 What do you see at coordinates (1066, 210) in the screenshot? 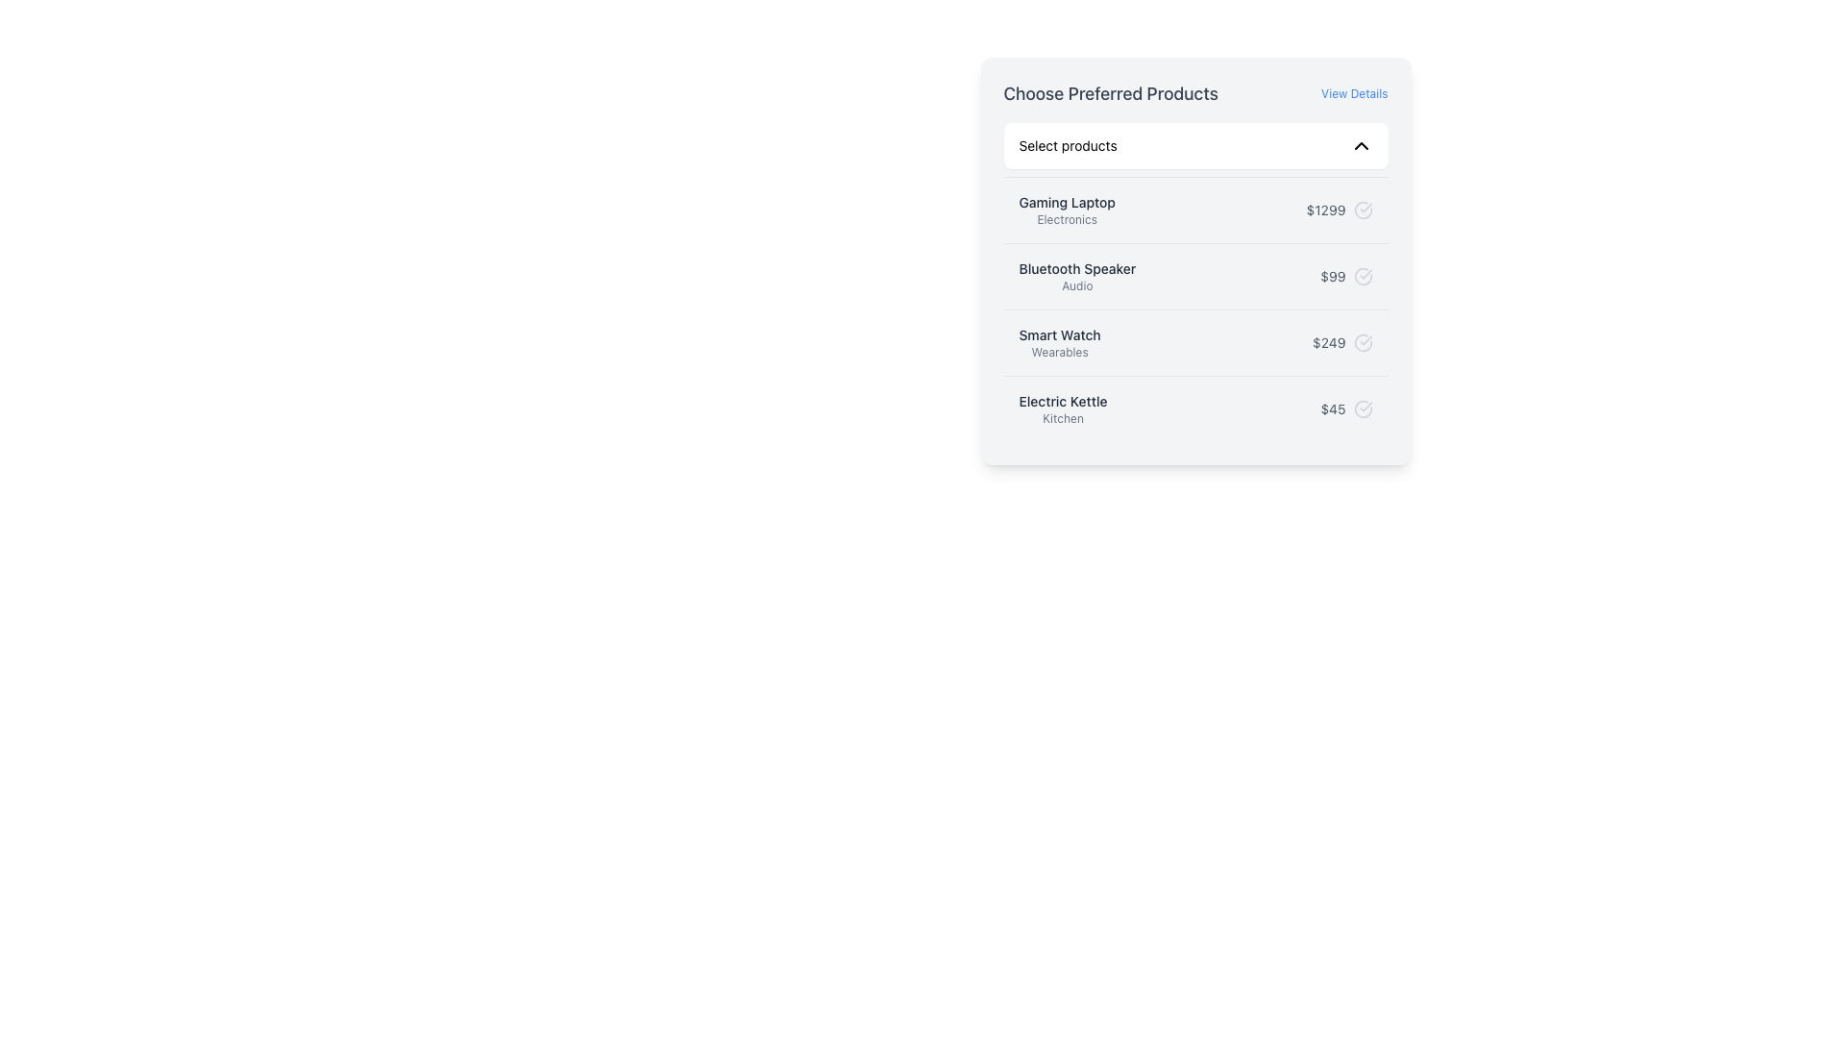
I see `the product item text block located under the 'Choose Preferred Products' section to highlight the corresponding product` at bounding box center [1066, 210].